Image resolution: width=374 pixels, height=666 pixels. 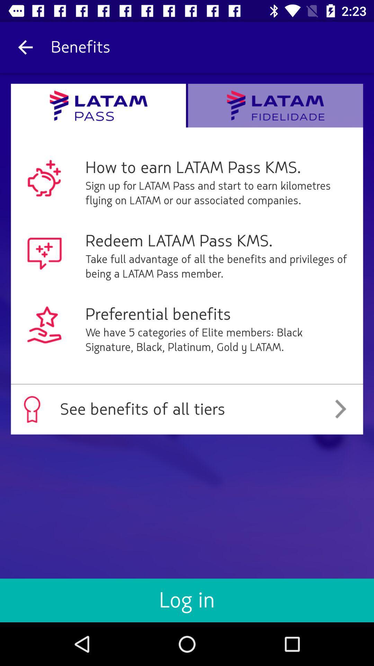 What do you see at coordinates (275, 105) in the screenshot?
I see `see more options` at bounding box center [275, 105].